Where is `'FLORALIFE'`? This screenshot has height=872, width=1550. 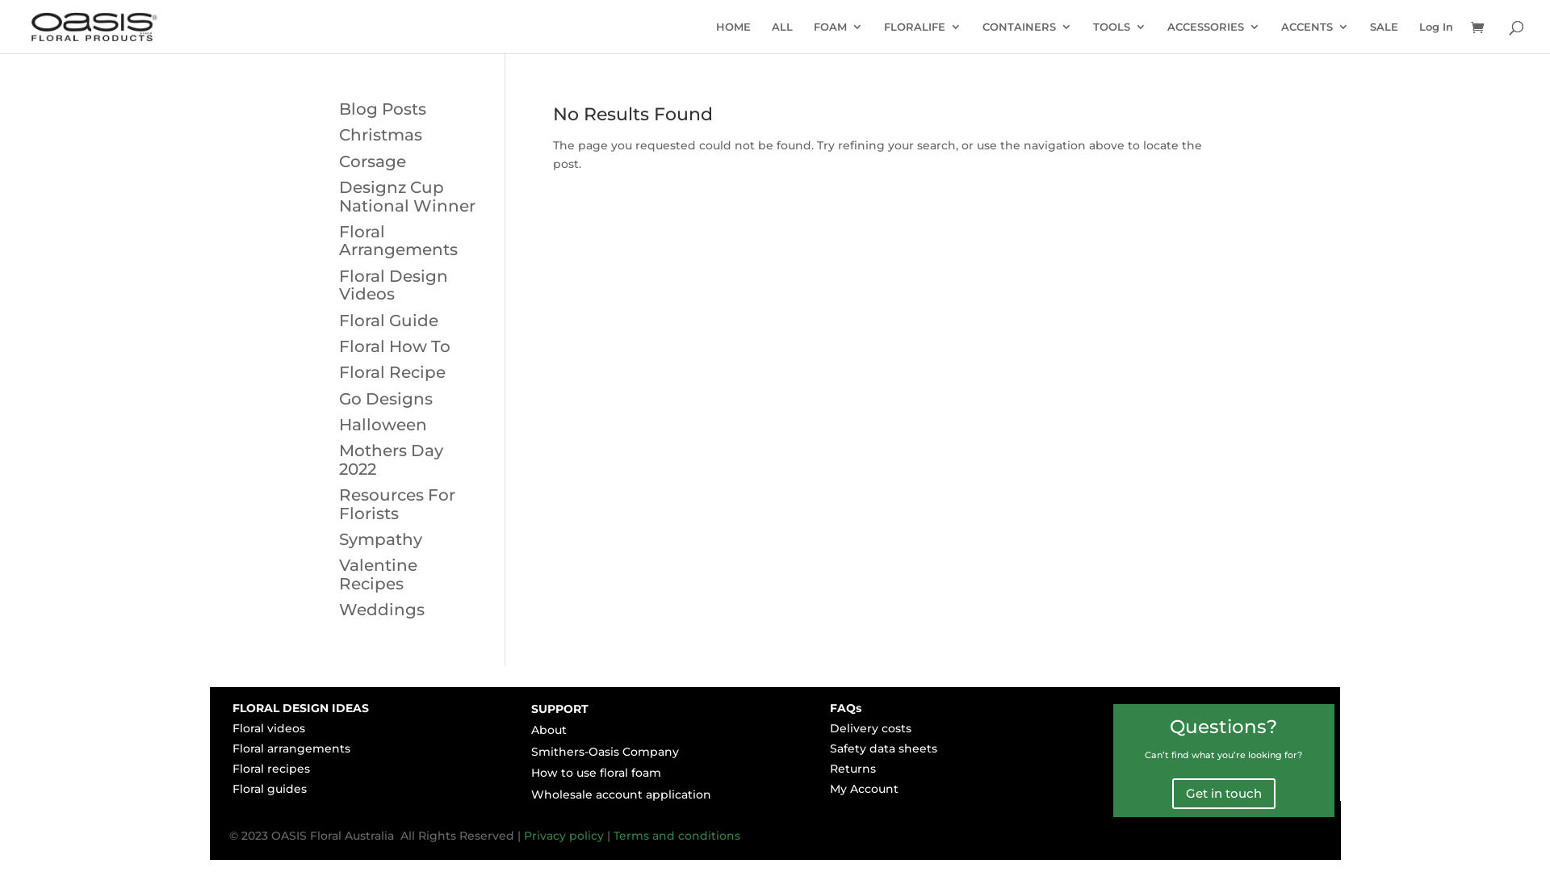 'FLORALIFE' is located at coordinates (922, 36).